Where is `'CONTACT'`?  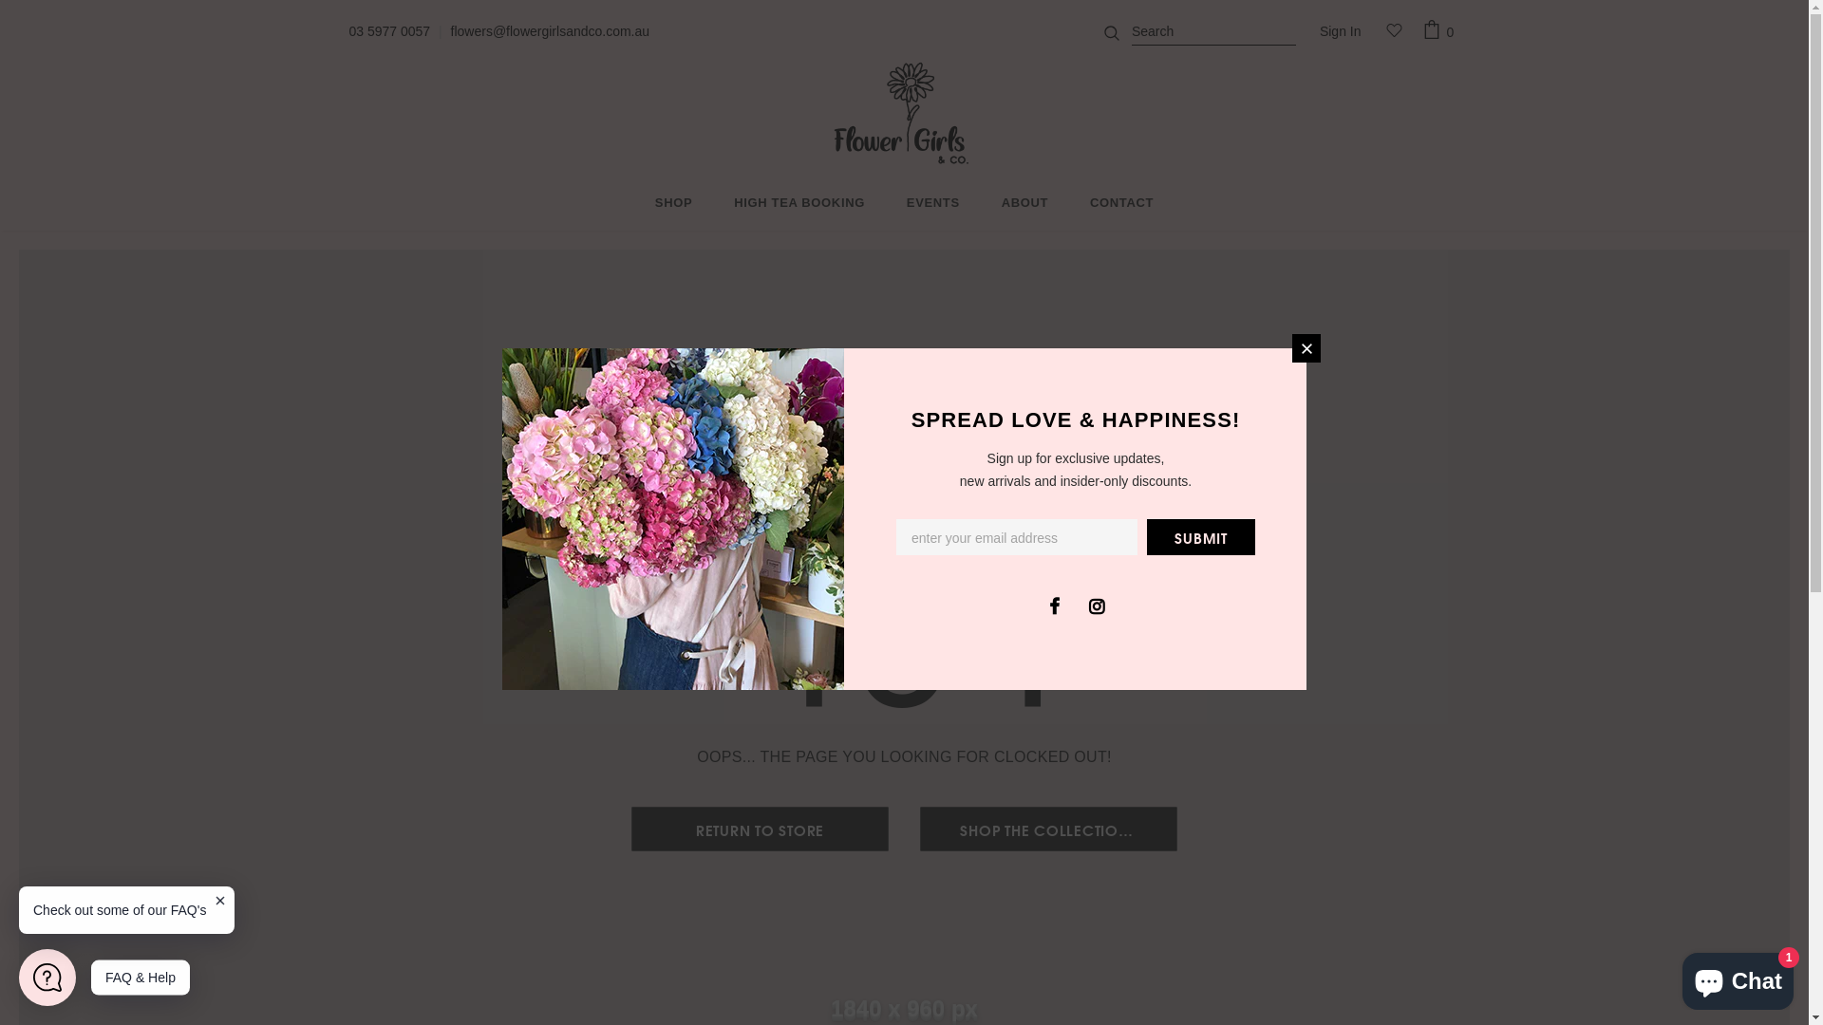 'CONTACT' is located at coordinates (1121, 205).